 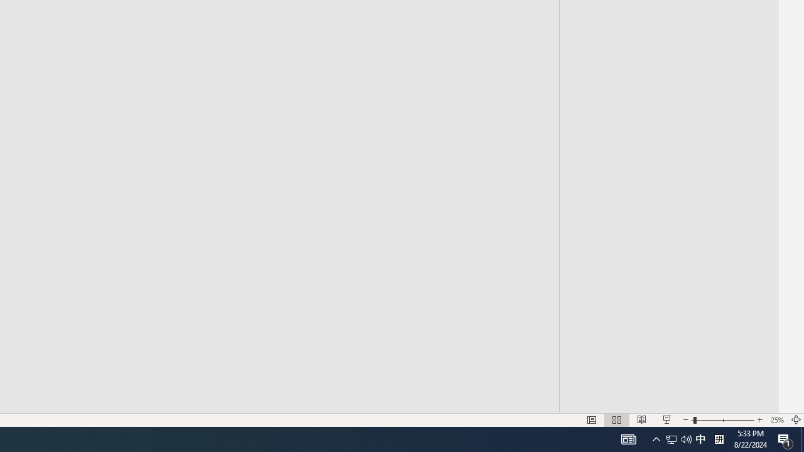 I want to click on 'Zoom 25%', so click(x=776, y=420).